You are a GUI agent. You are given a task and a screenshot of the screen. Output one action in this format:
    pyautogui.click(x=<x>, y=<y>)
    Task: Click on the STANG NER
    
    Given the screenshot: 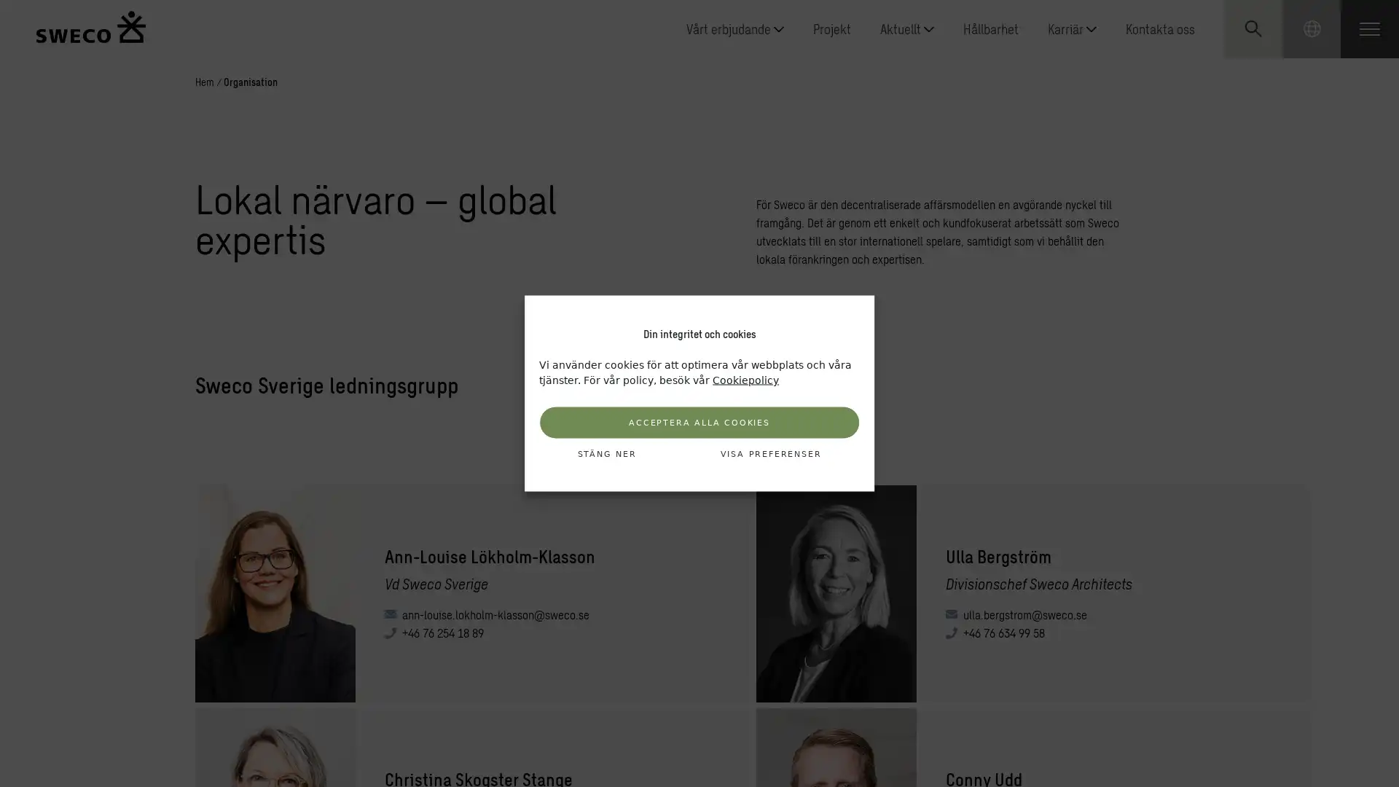 What is the action you would take?
    pyautogui.click(x=606, y=453)
    